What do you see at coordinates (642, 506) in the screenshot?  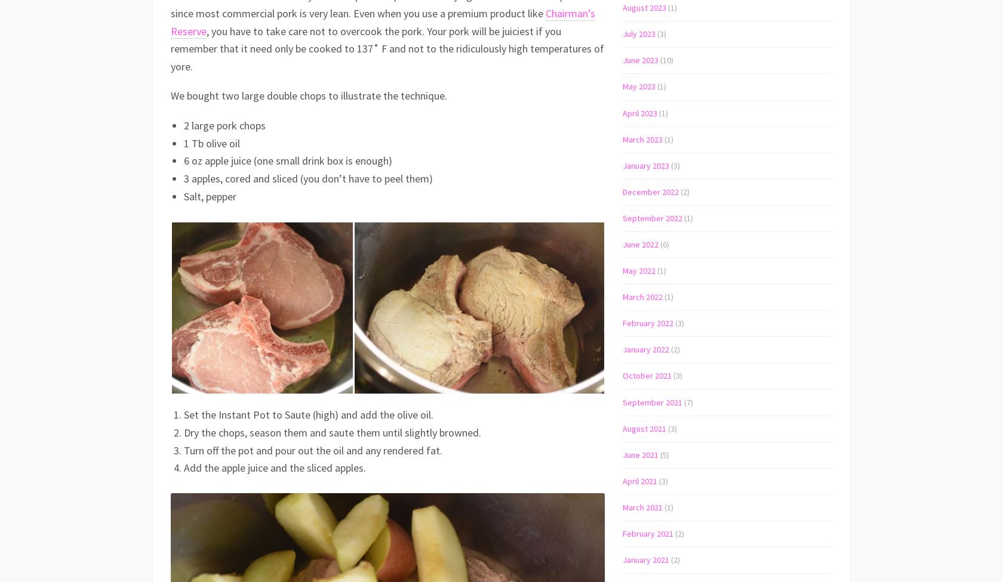 I see `'March 2021'` at bounding box center [642, 506].